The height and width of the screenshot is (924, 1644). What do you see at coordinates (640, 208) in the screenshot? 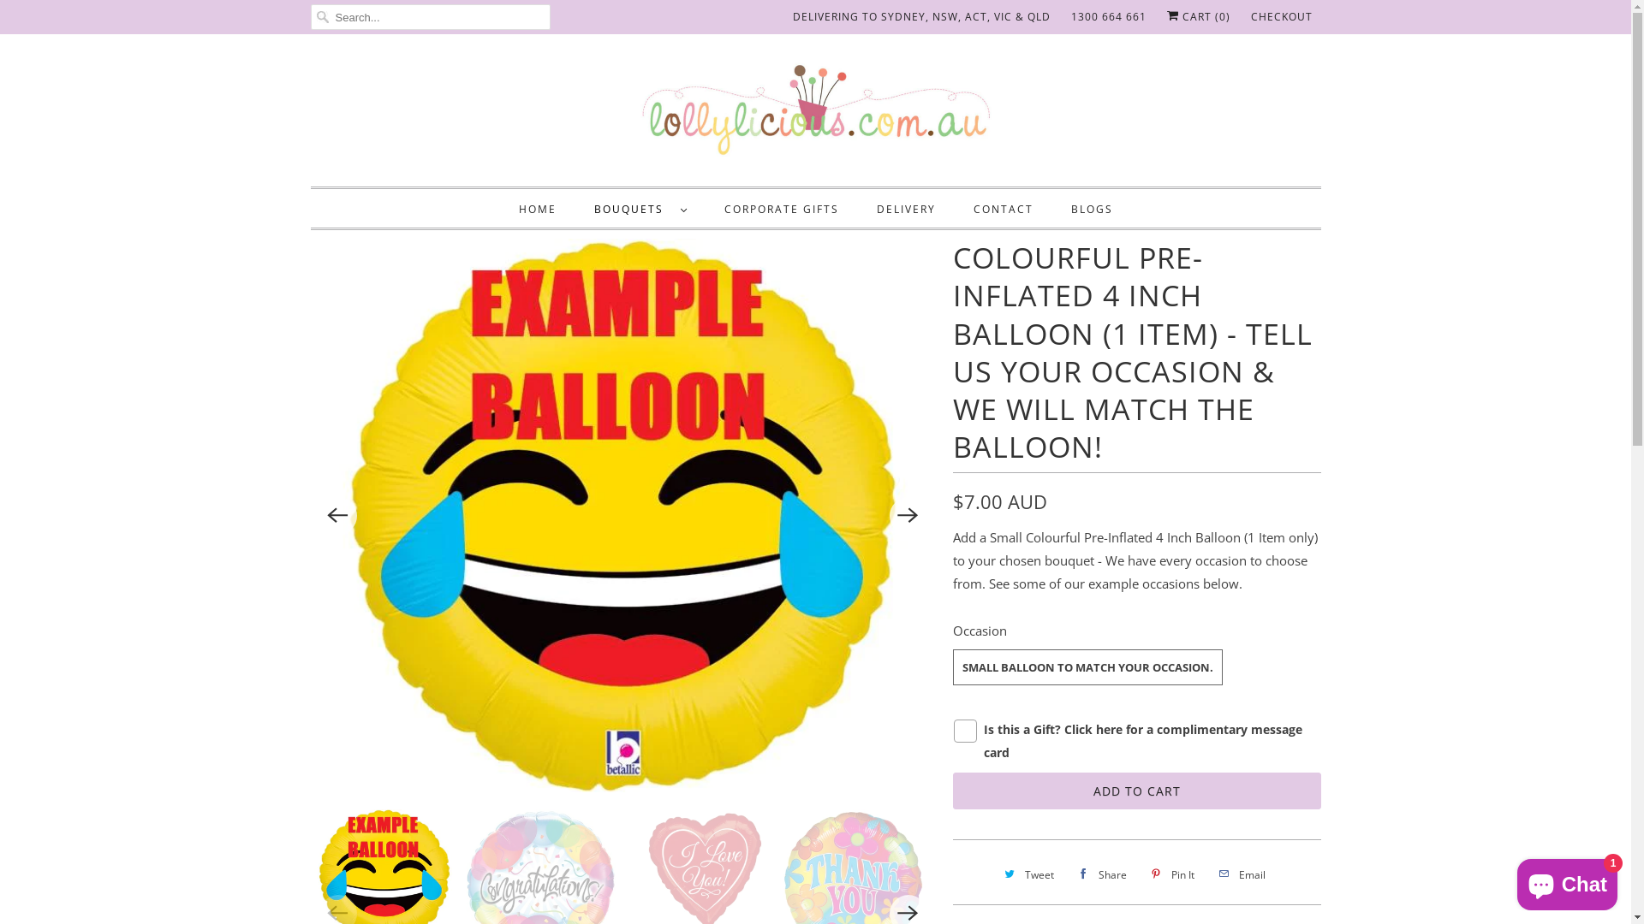
I see `'BOUQUETS '` at bounding box center [640, 208].